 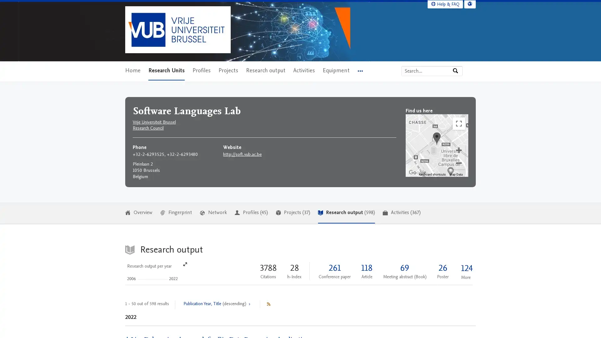 What do you see at coordinates (436, 138) in the screenshot?
I see `Software Languages Lab` at bounding box center [436, 138].